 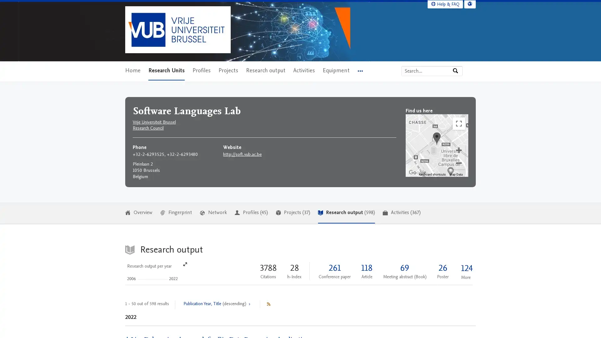 What do you see at coordinates (436, 138) in the screenshot?
I see `Software Languages Lab` at bounding box center [436, 138].